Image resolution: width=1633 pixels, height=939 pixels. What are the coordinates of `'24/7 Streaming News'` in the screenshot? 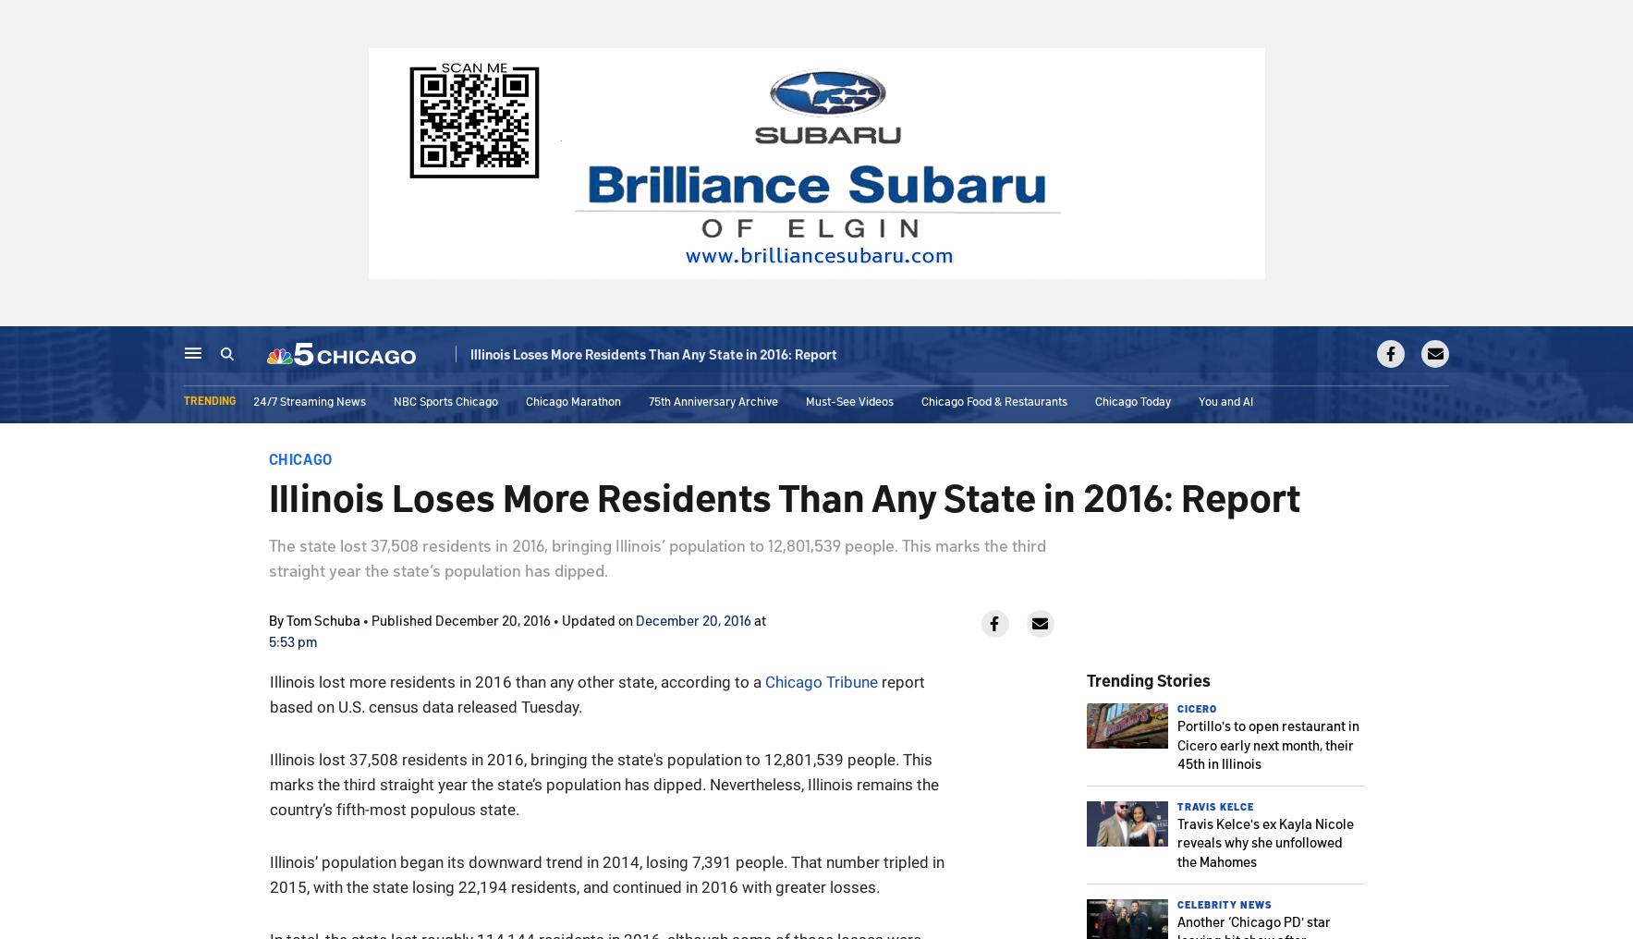 It's located at (310, 403).